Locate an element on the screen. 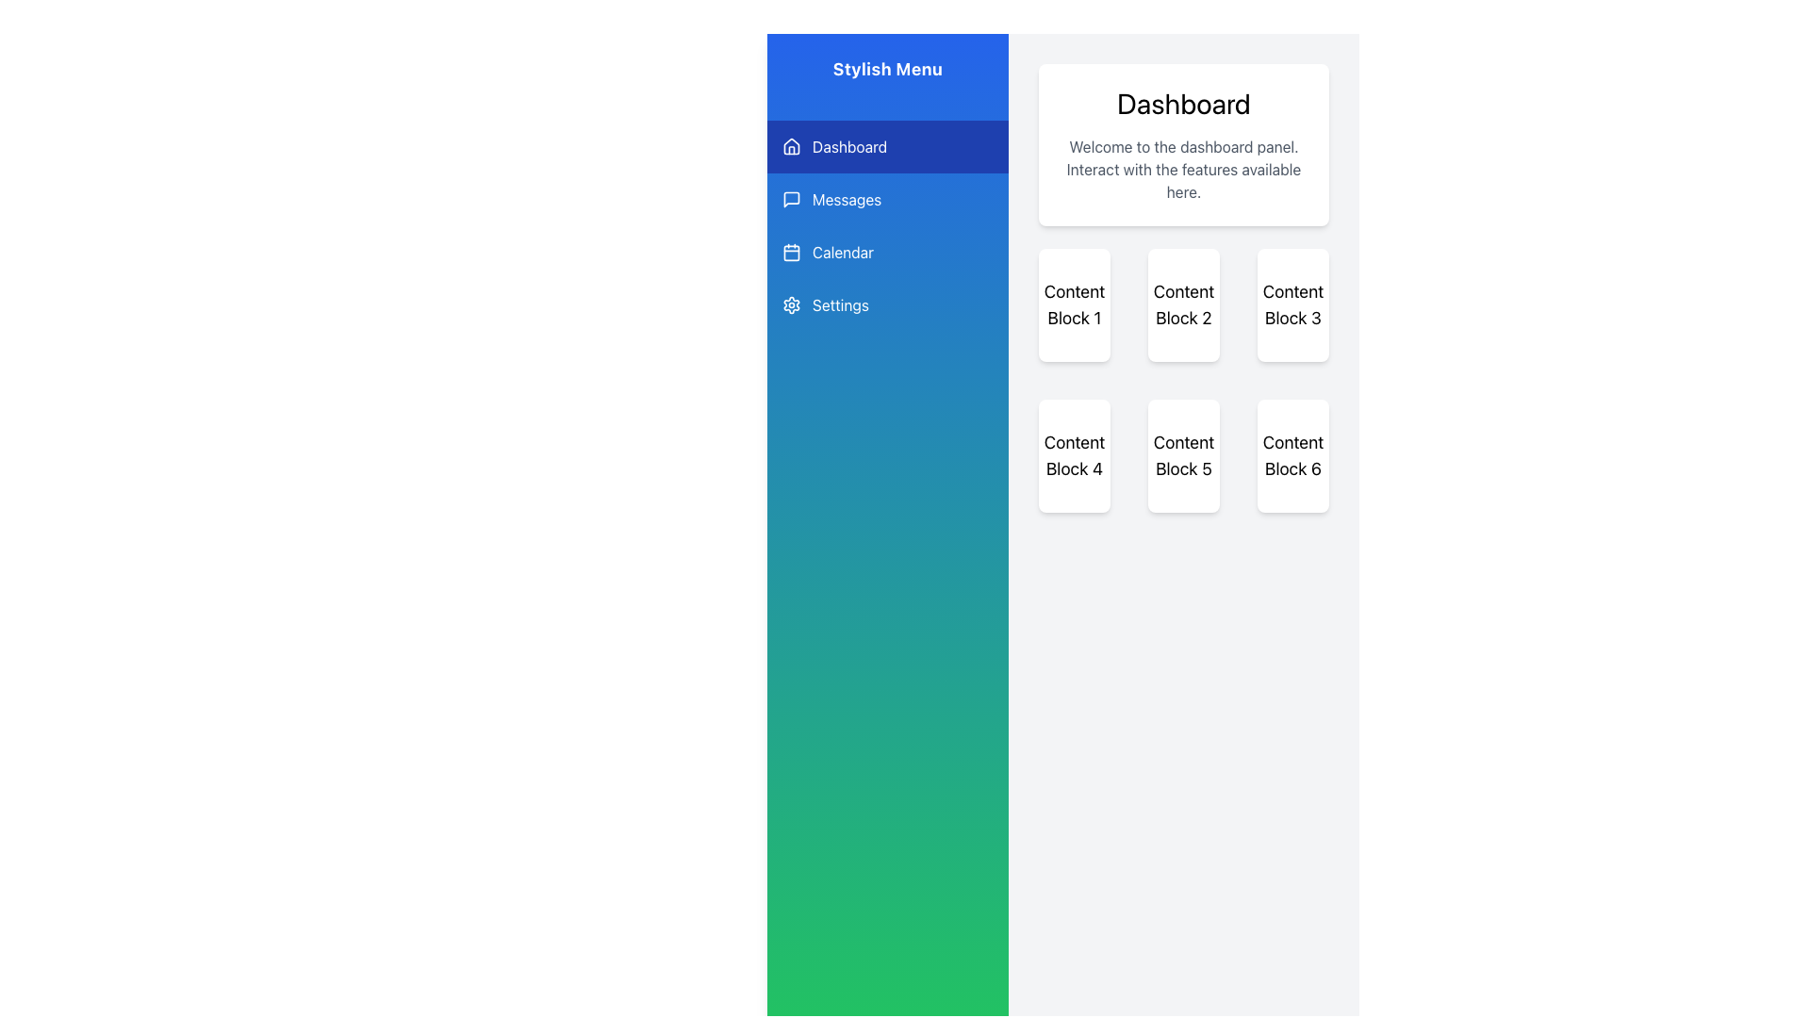 This screenshot has height=1018, width=1810. the 'Settings' icon located in the left sidebar menu, positioned to the right of the text 'Settings' is located at coordinates (792, 304).